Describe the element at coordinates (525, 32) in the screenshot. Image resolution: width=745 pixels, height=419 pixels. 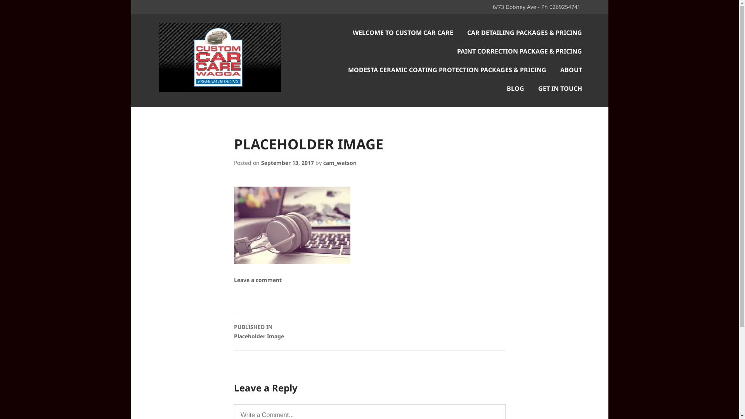
I see `'CAR DETAILING PACKAGES & PRICING'` at that location.